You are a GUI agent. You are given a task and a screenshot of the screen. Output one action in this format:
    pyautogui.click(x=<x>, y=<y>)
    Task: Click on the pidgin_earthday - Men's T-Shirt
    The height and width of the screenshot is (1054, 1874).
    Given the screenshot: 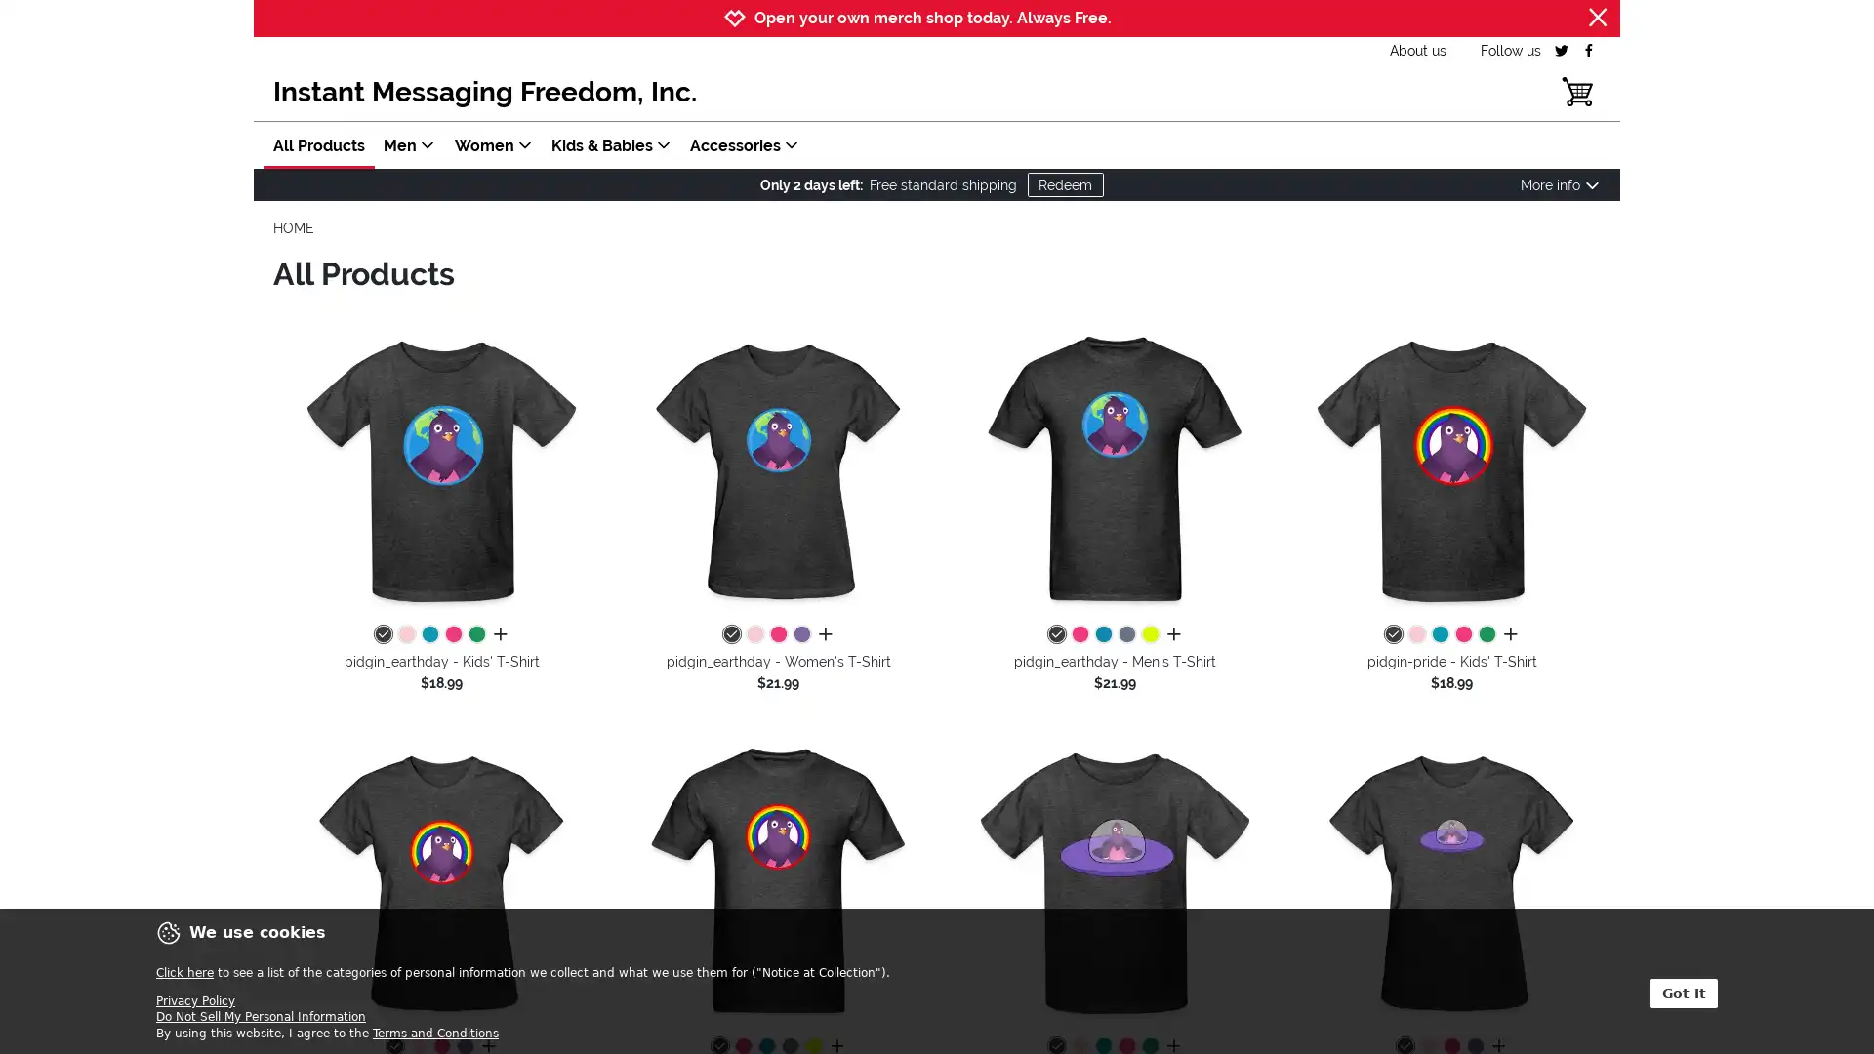 What is the action you would take?
    pyautogui.click(x=1115, y=470)
    